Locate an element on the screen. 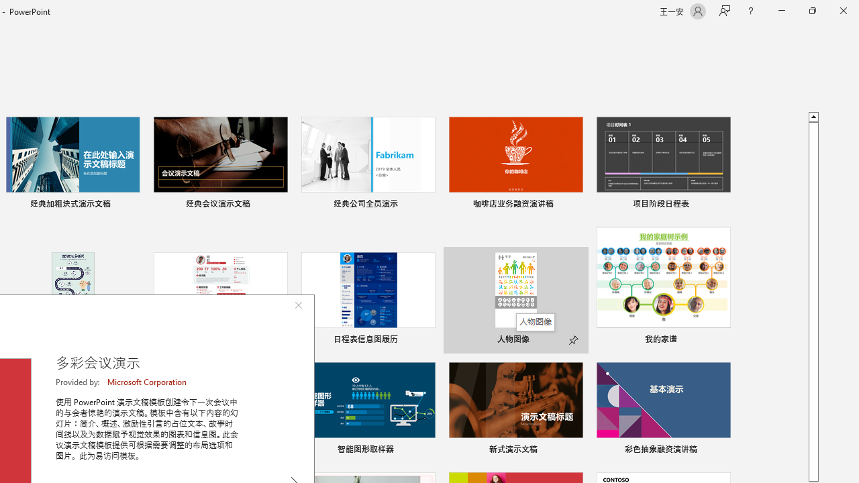 Image resolution: width=859 pixels, height=483 pixels. 'Pin to list' is located at coordinates (721, 451).